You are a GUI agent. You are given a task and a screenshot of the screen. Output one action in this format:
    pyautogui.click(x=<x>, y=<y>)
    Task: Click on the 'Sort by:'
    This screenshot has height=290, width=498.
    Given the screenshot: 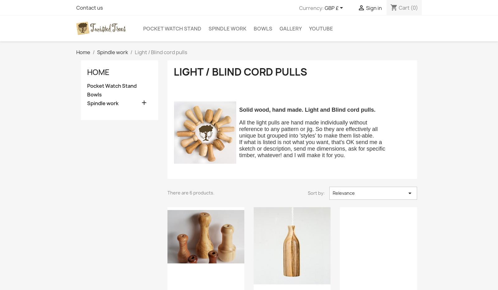 What is the action you would take?
    pyautogui.click(x=316, y=193)
    